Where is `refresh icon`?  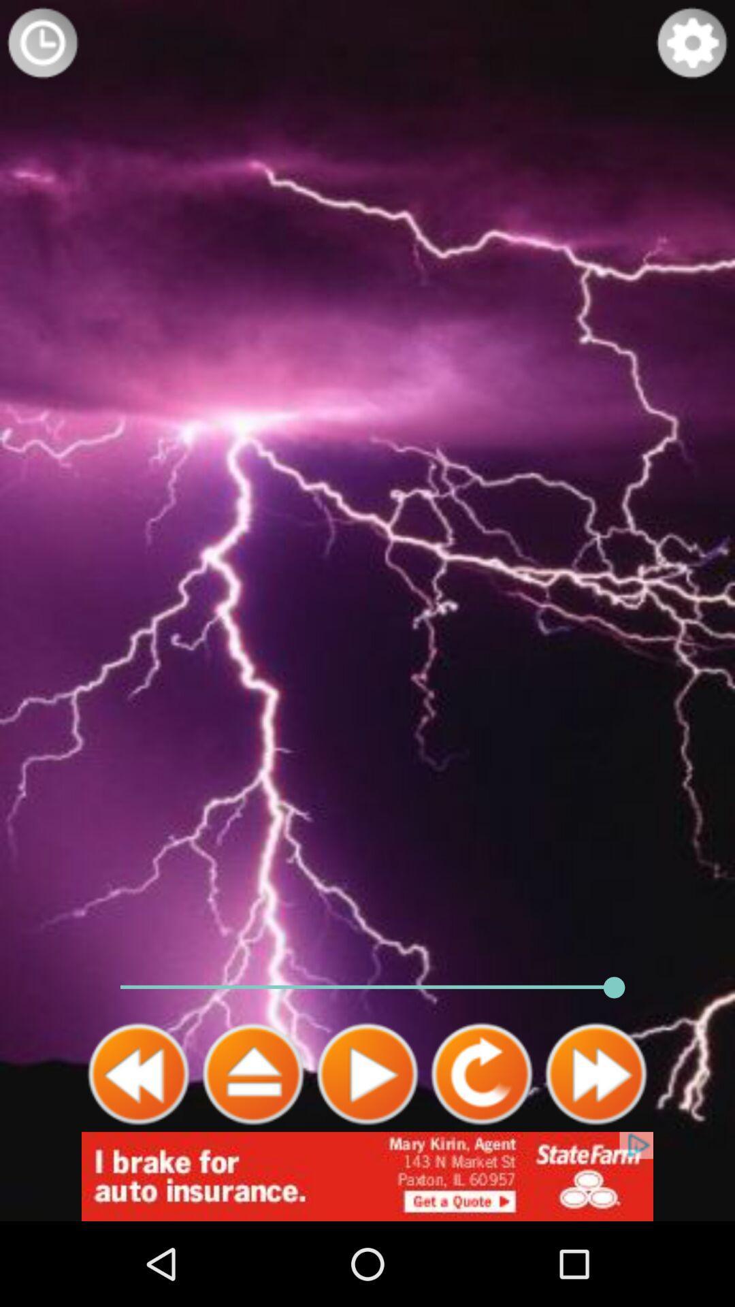 refresh icon is located at coordinates (481, 1074).